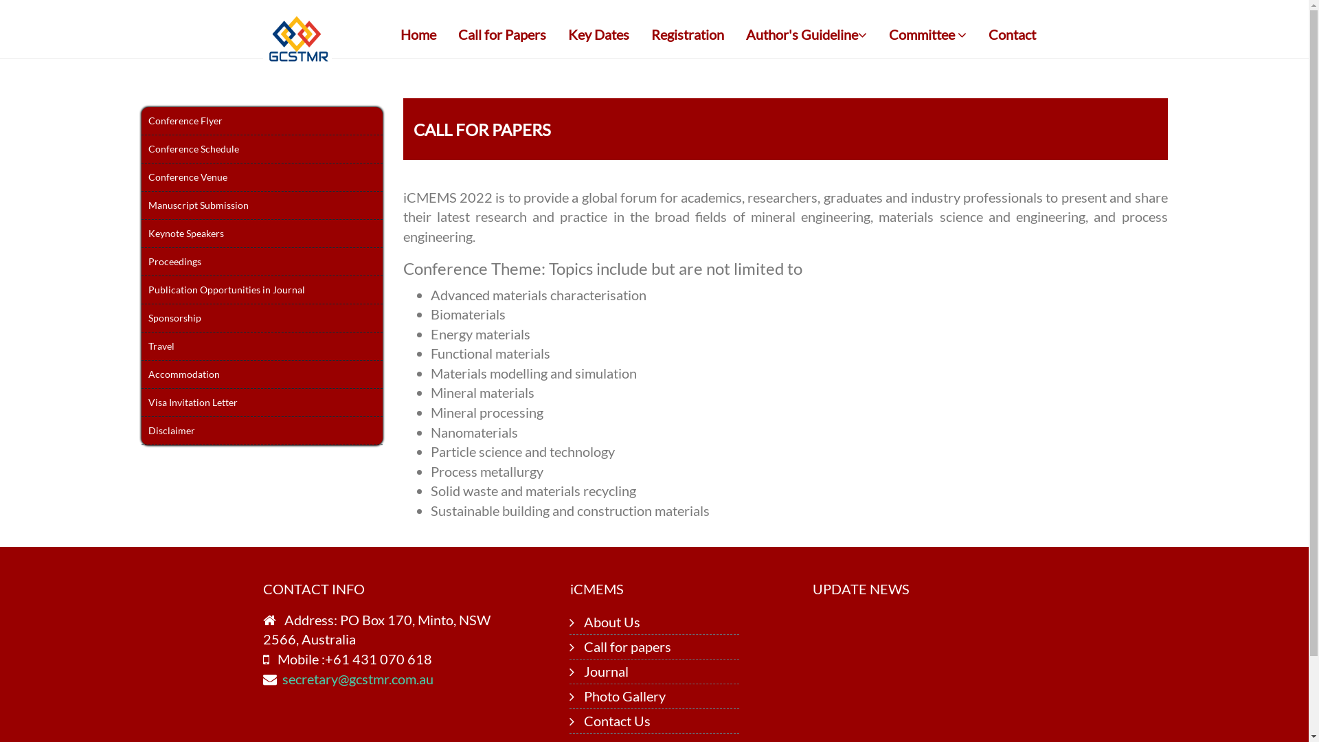 The image size is (1319, 742). Describe the element at coordinates (280, 677) in the screenshot. I see `'secretary@gcstmr.com.au'` at that location.